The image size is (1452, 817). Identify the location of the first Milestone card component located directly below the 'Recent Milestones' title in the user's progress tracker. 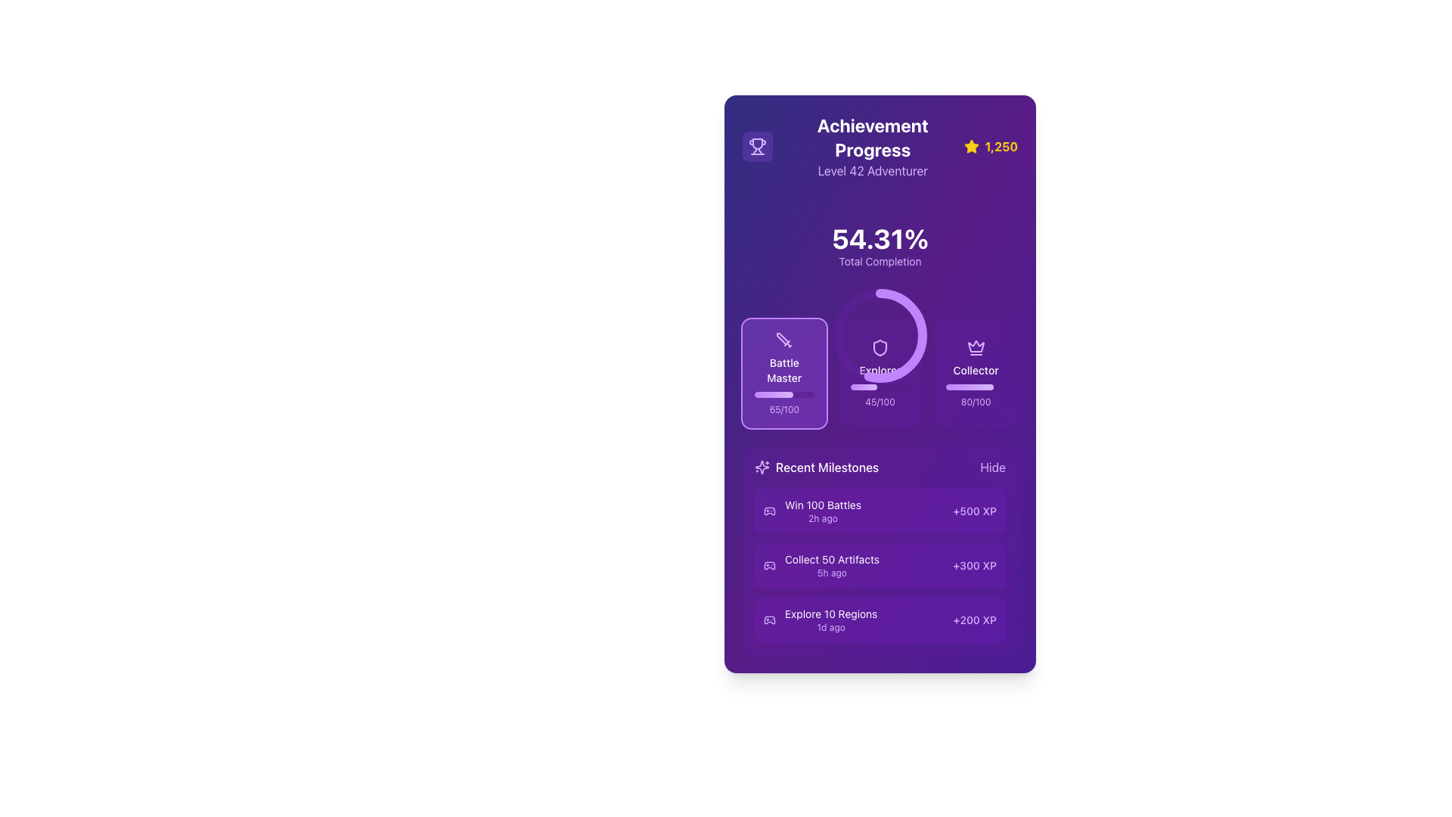
(880, 511).